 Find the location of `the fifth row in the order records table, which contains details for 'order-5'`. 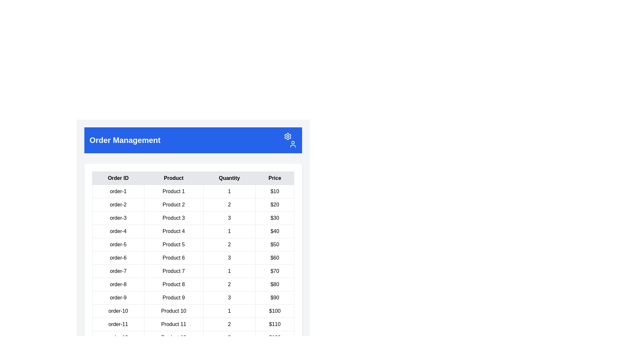

the fifth row in the order records table, which contains details for 'order-5' is located at coordinates (193, 245).